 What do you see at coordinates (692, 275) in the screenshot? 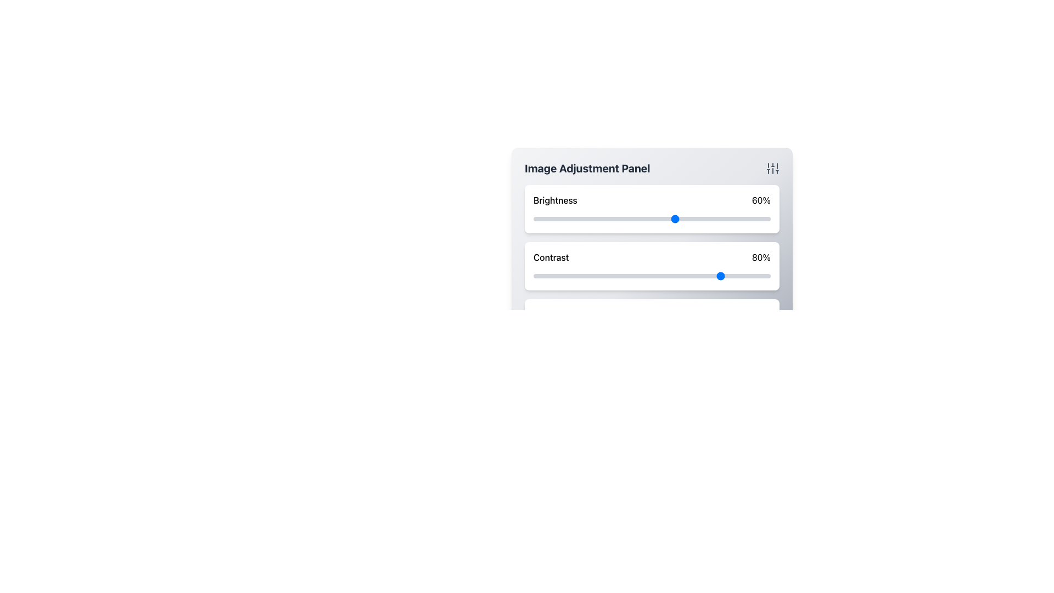
I see `contrast` at bounding box center [692, 275].